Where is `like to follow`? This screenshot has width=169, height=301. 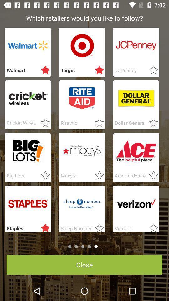
like to follow is located at coordinates (151, 123).